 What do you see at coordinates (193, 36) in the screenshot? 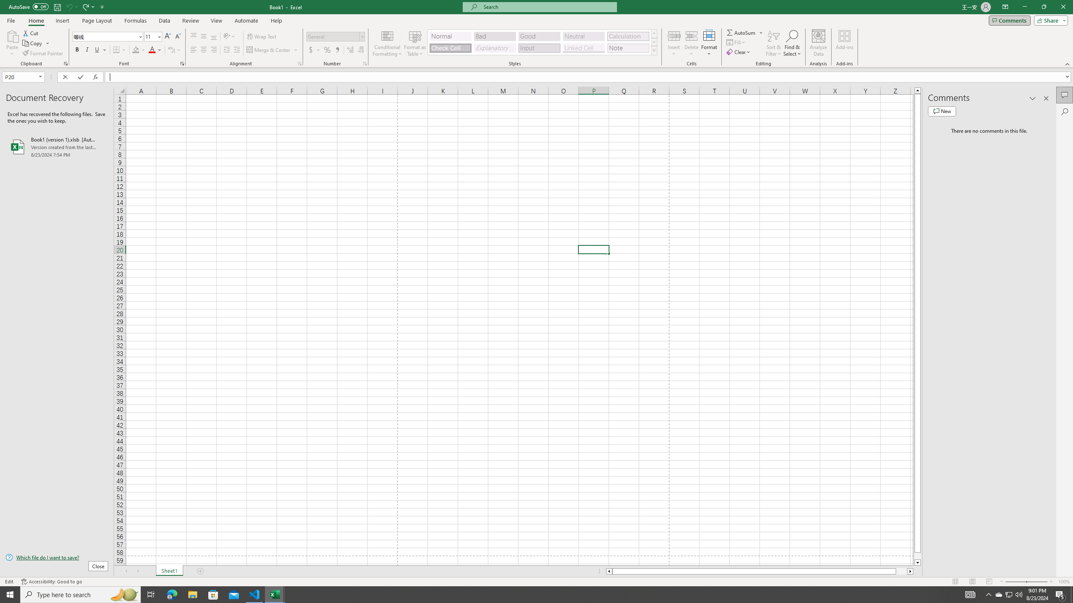
I see `'Top Align'` at bounding box center [193, 36].